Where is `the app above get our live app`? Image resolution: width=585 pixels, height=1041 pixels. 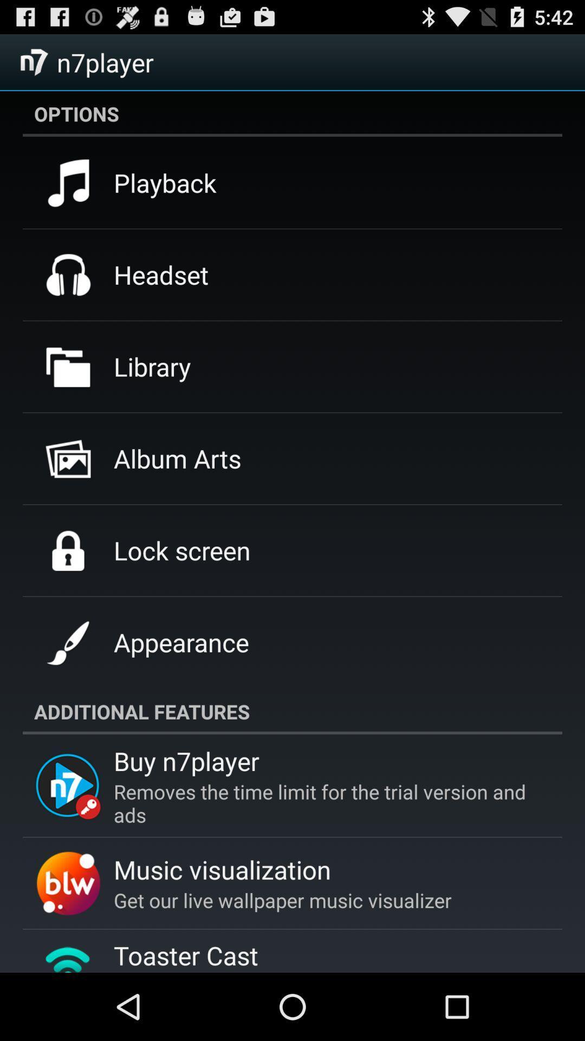
the app above get our live app is located at coordinates (222, 869).